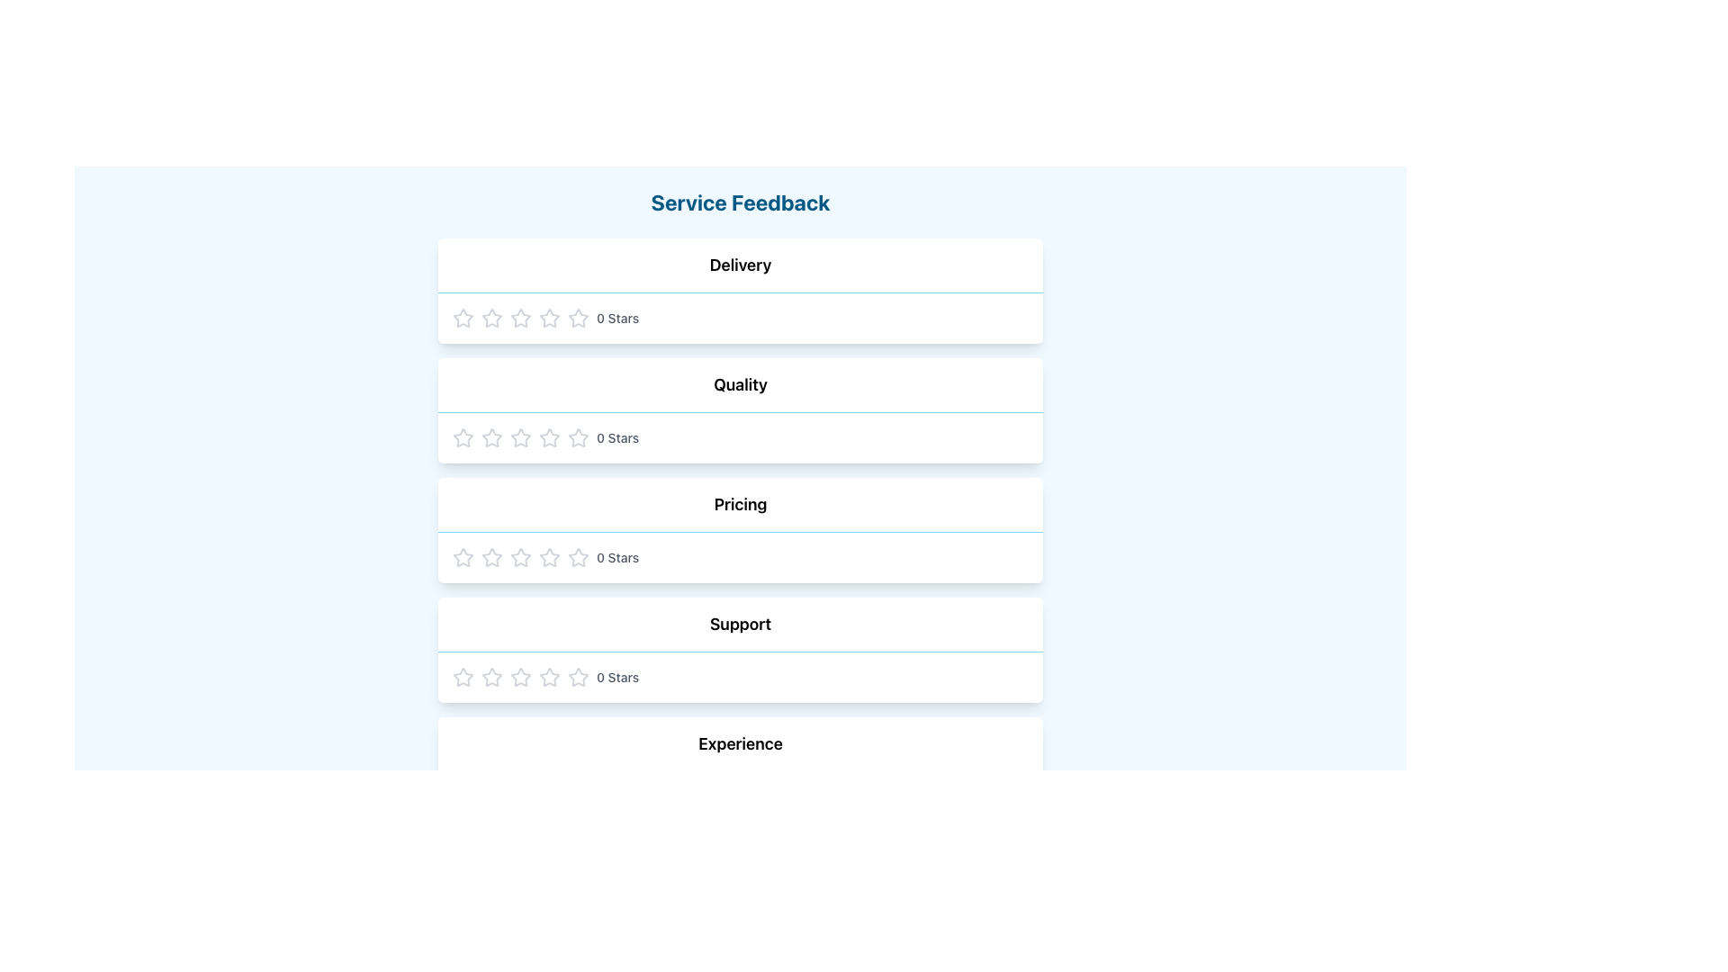 This screenshot has height=972, width=1728. What do you see at coordinates (492, 677) in the screenshot?
I see `the second outlined gray star icon in the five-star rating system under the 'Support' section of the feedback form` at bounding box center [492, 677].